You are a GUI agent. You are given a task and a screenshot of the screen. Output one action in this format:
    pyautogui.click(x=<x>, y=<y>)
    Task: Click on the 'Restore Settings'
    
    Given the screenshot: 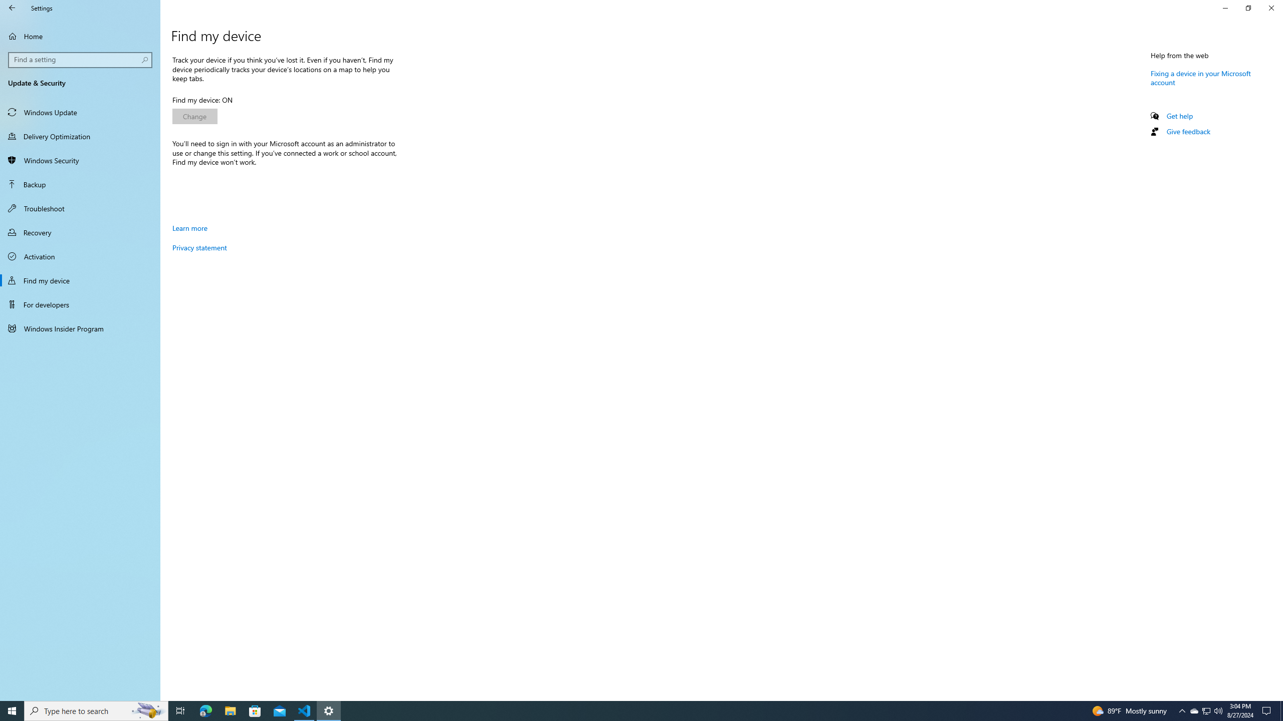 What is the action you would take?
    pyautogui.click(x=1248, y=8)
    